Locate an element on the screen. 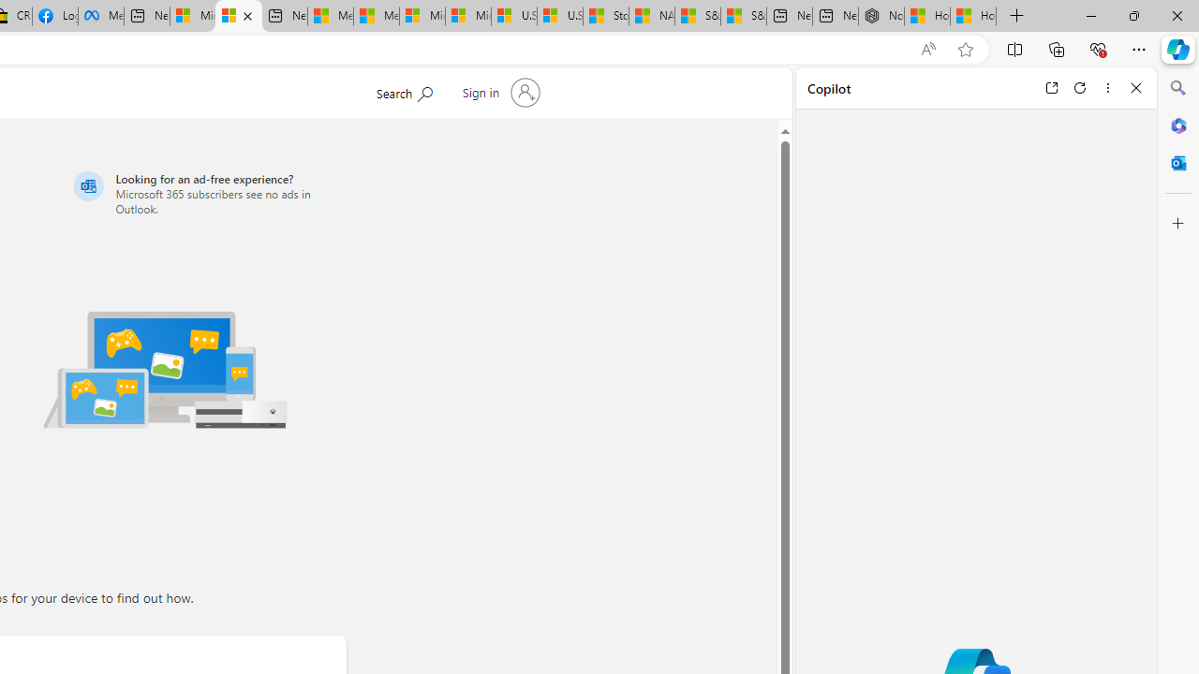  'Illustration of multiple devices' is located at coordinates (165, 369).